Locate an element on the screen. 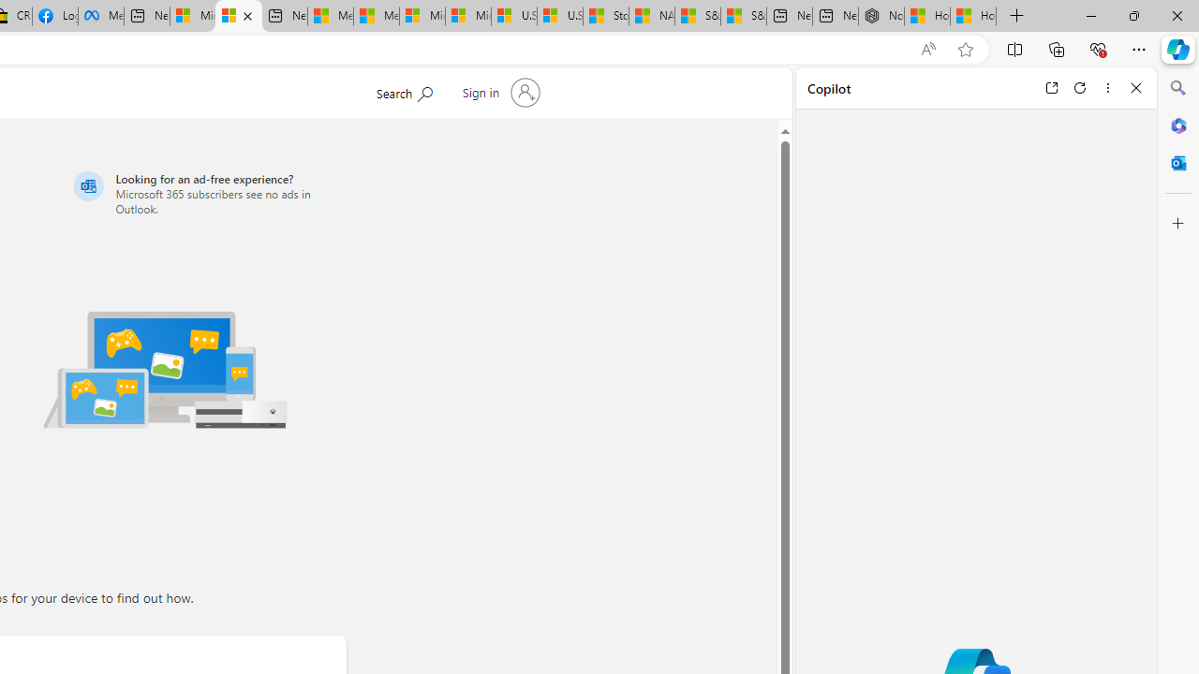  'Illustration of multiple devices' is located at coordinates (165, 369).